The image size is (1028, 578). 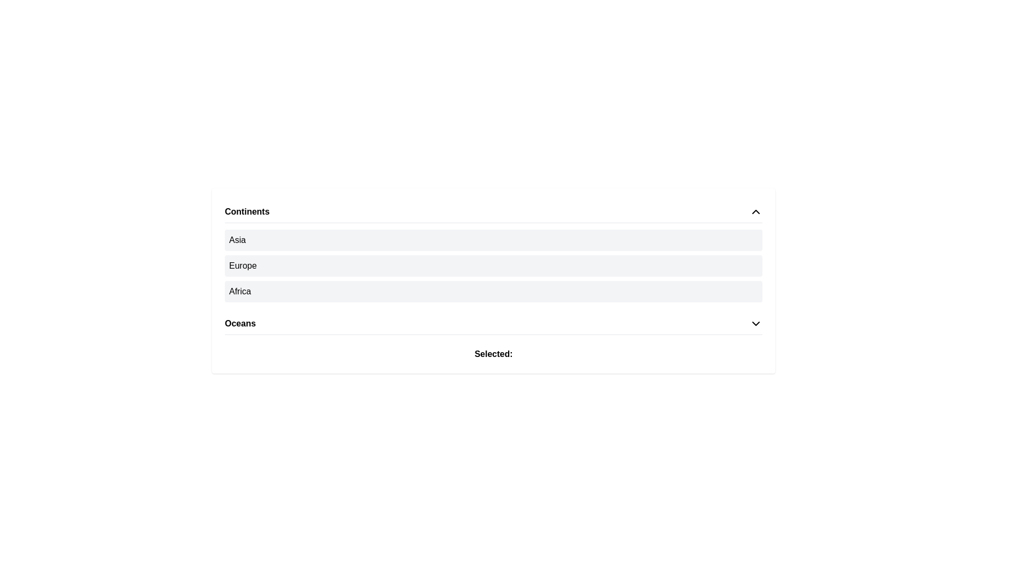 I want to click on the upward-pointing chevron icon located at the far right end of the header labeled 'Continents', so click(x=755, y=212).